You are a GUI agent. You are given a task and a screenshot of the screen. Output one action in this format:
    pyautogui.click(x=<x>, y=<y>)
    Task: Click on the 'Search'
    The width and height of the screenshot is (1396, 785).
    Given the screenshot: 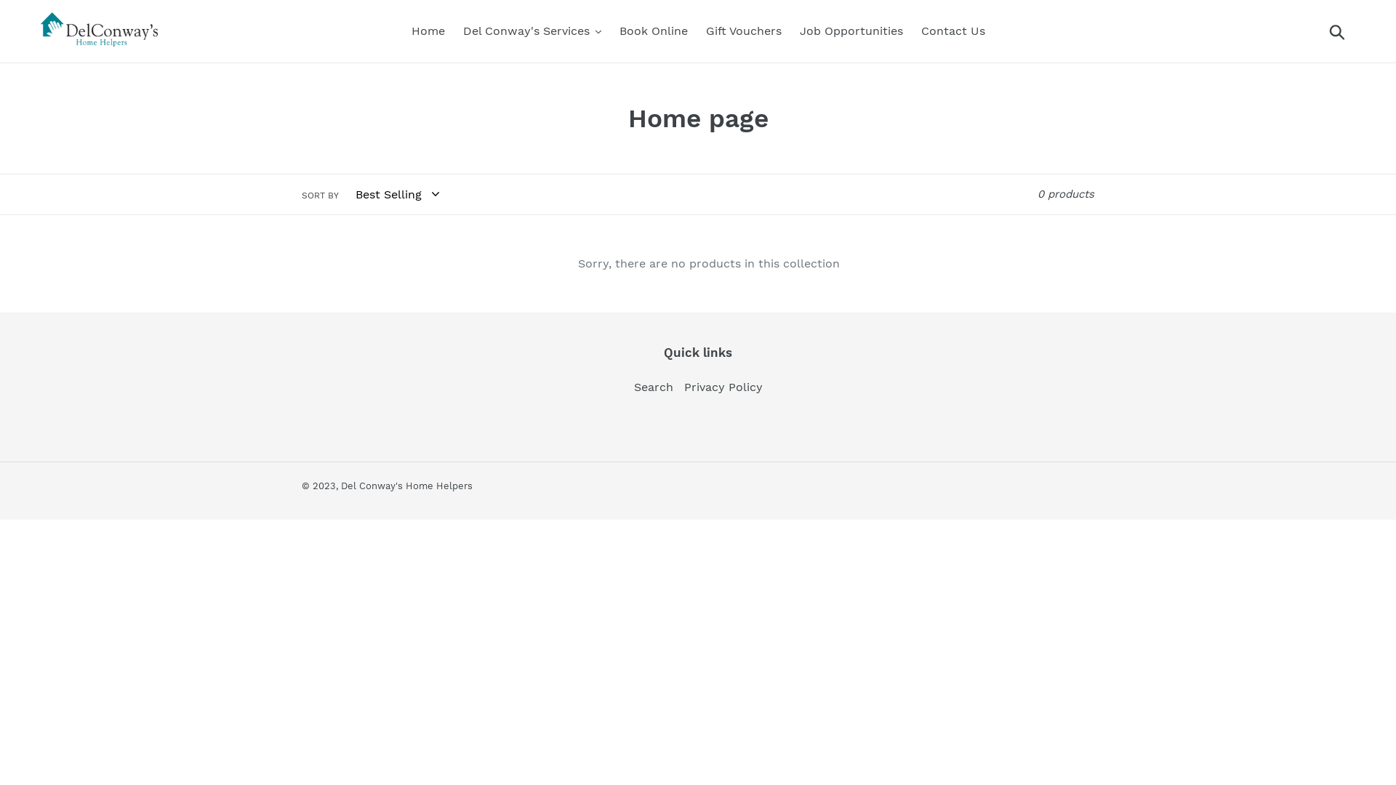 What is the action you would take?
    pyautogui.click(x=634, y=386)
    